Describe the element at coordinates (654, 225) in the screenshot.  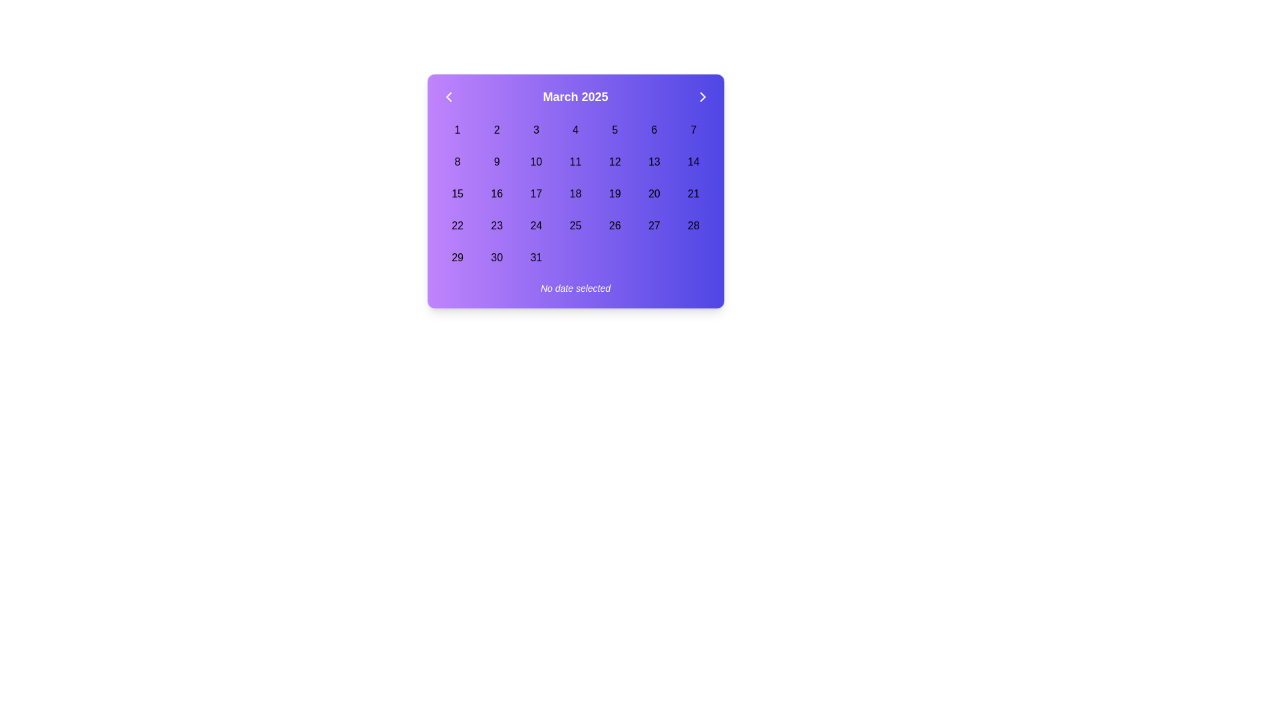
I see `the circular button with the number '27' centered within it` at that location.